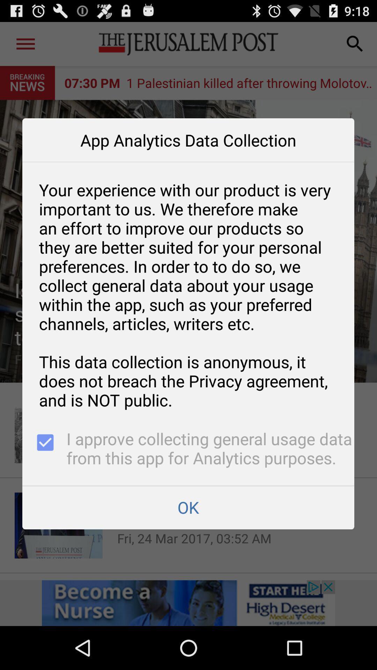 This screenshot has height=670, width=377. Describe the element at coordinates (44, 449) in the screenshot. I see `icon below your experience with app` at that location.